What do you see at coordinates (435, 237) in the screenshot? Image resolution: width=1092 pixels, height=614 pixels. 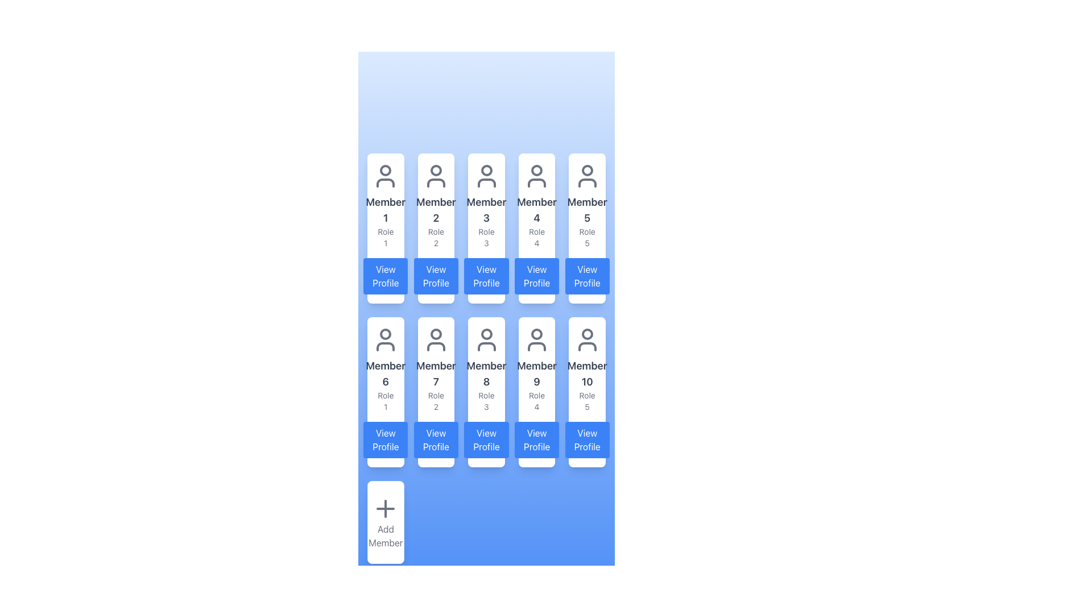 I see `the text label displaying 'Role 2', which is styled in a smaller font size and uses a subdued gray color, located immediately below 'Member 2'` at bounding box center [435, 237].